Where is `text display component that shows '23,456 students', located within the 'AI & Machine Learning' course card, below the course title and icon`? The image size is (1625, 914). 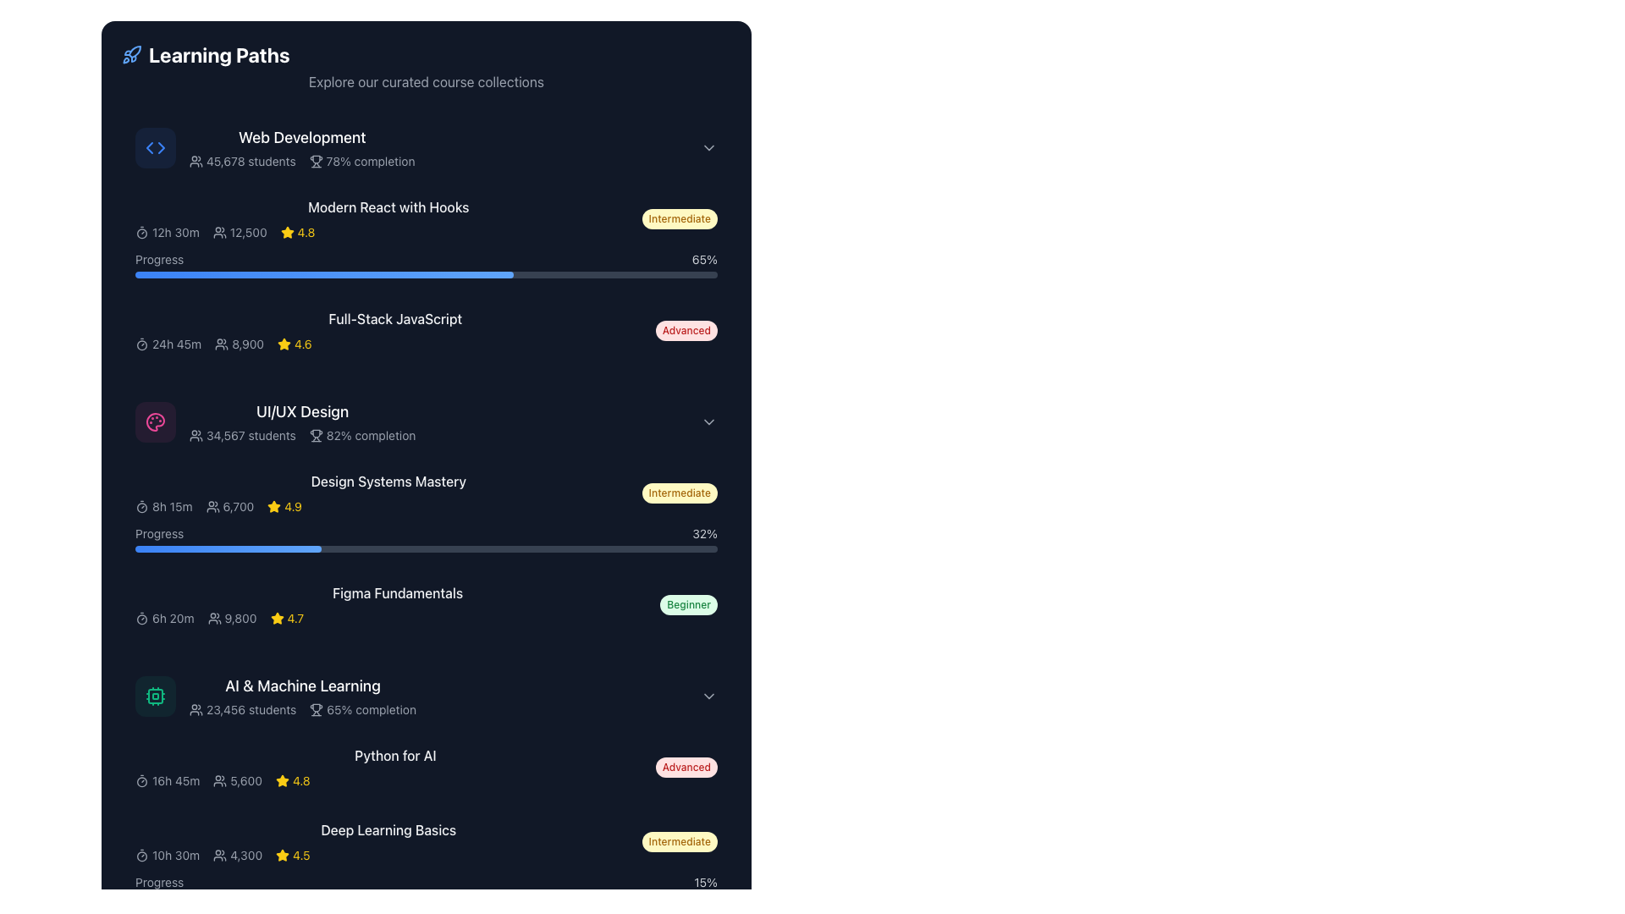
text display component that shows '23,456 students', located within the 'AI & Machine Learning' course card, below the course title and icon is located at coordinates (242, 710).